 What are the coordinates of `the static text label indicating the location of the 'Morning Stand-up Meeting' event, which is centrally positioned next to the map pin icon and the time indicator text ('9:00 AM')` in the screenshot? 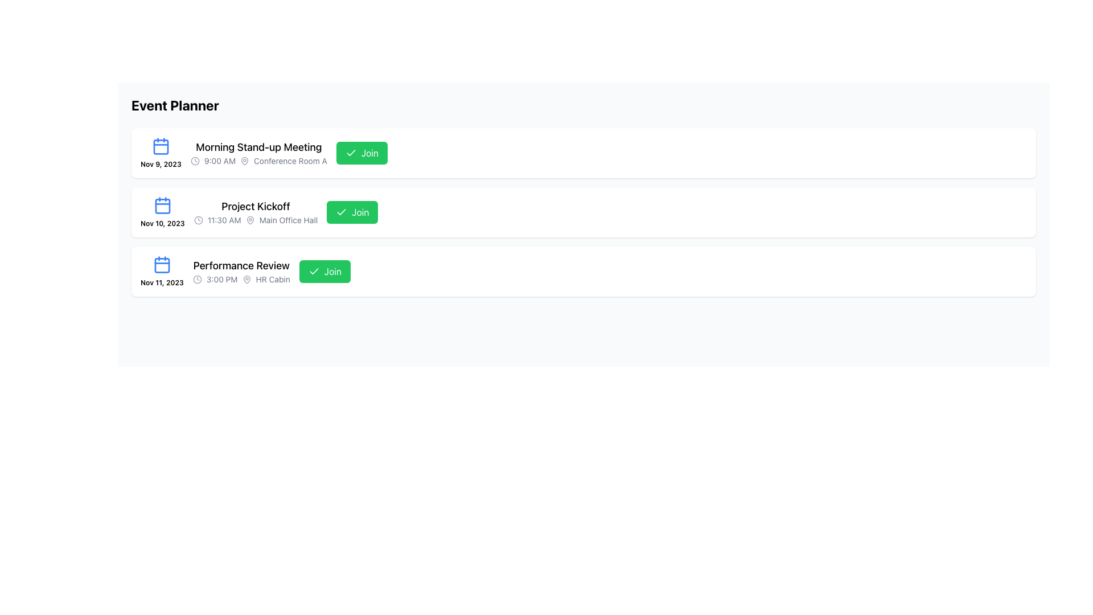 It's located at (290, 161).